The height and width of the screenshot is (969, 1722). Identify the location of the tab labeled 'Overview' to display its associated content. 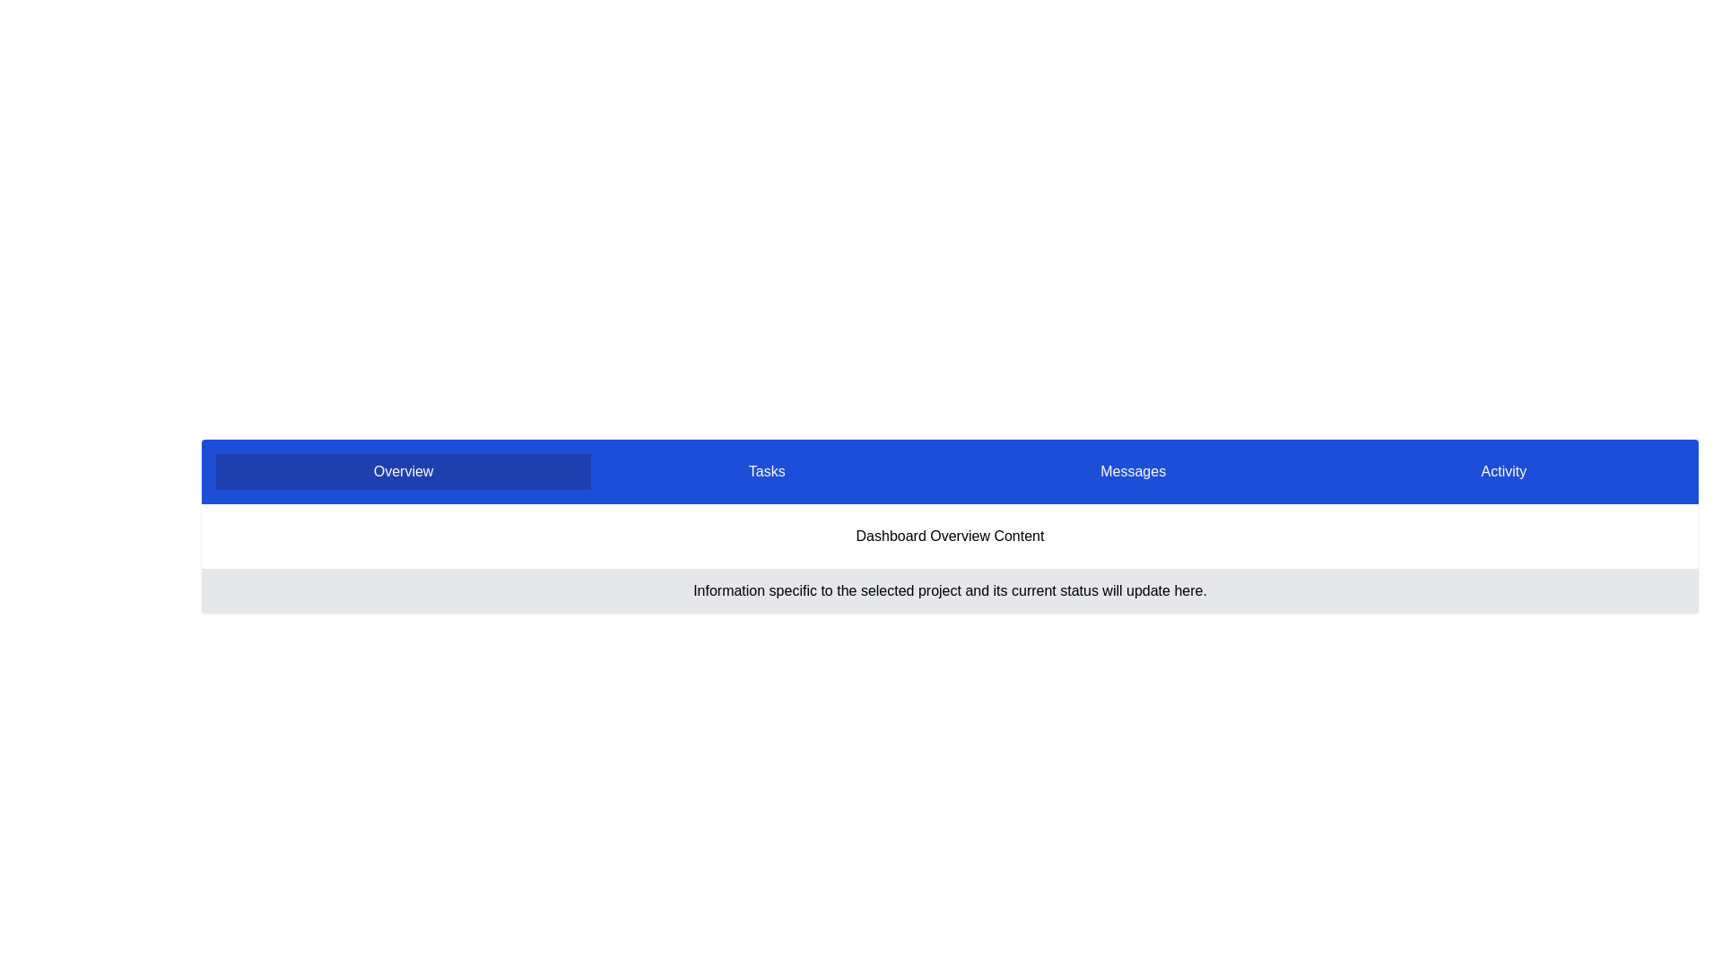
(403, 470).